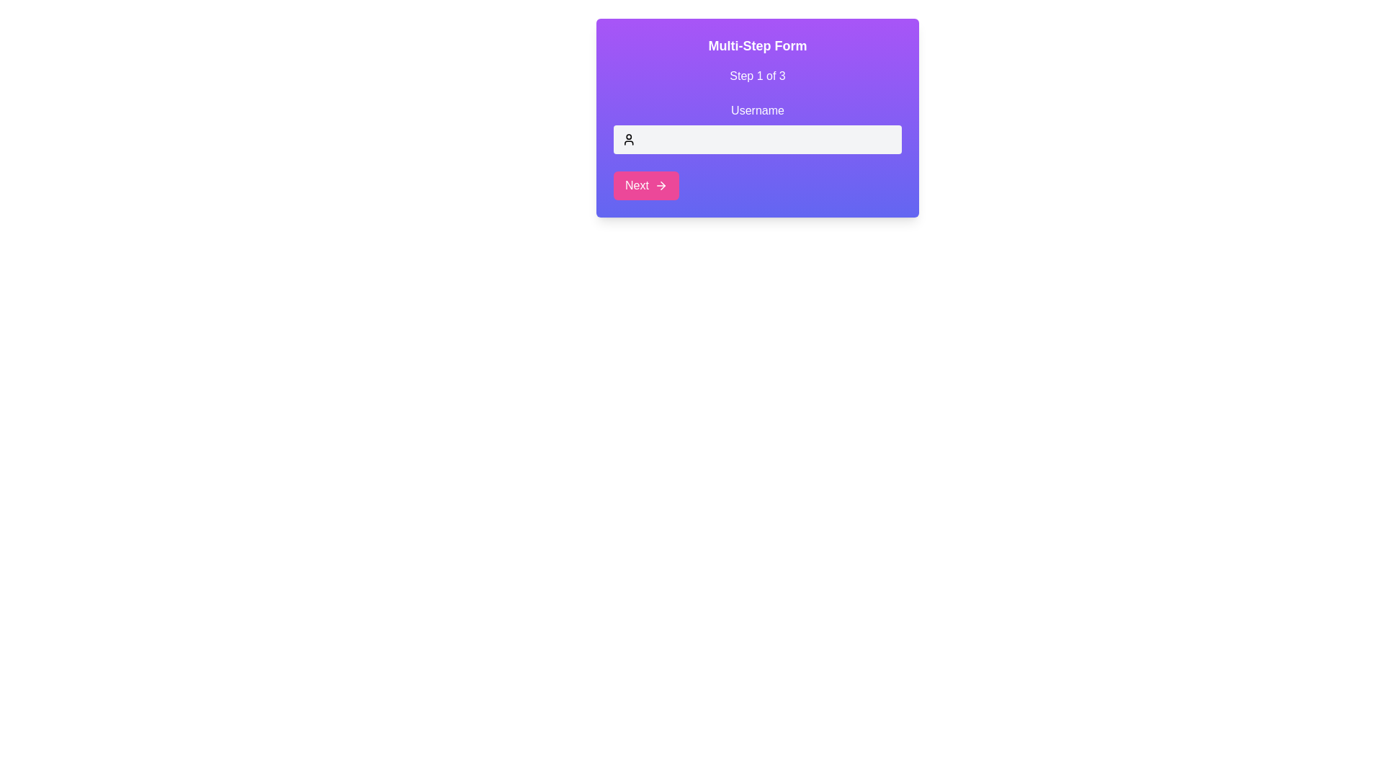 The height and width of the screenshot is (778, 1383). I want to click on the right-pointing arrow icon within the 'Next' button located on the bottom-left of the interactive card, so click(662, 185).